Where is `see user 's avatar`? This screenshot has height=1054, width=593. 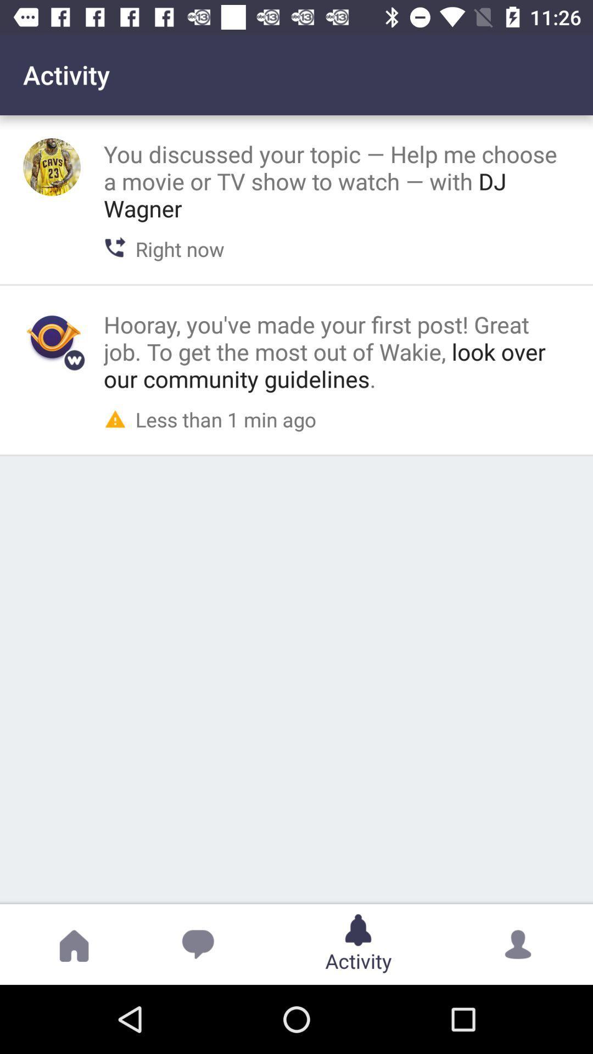 see user 's avatar is located at coordinates (52, 166).